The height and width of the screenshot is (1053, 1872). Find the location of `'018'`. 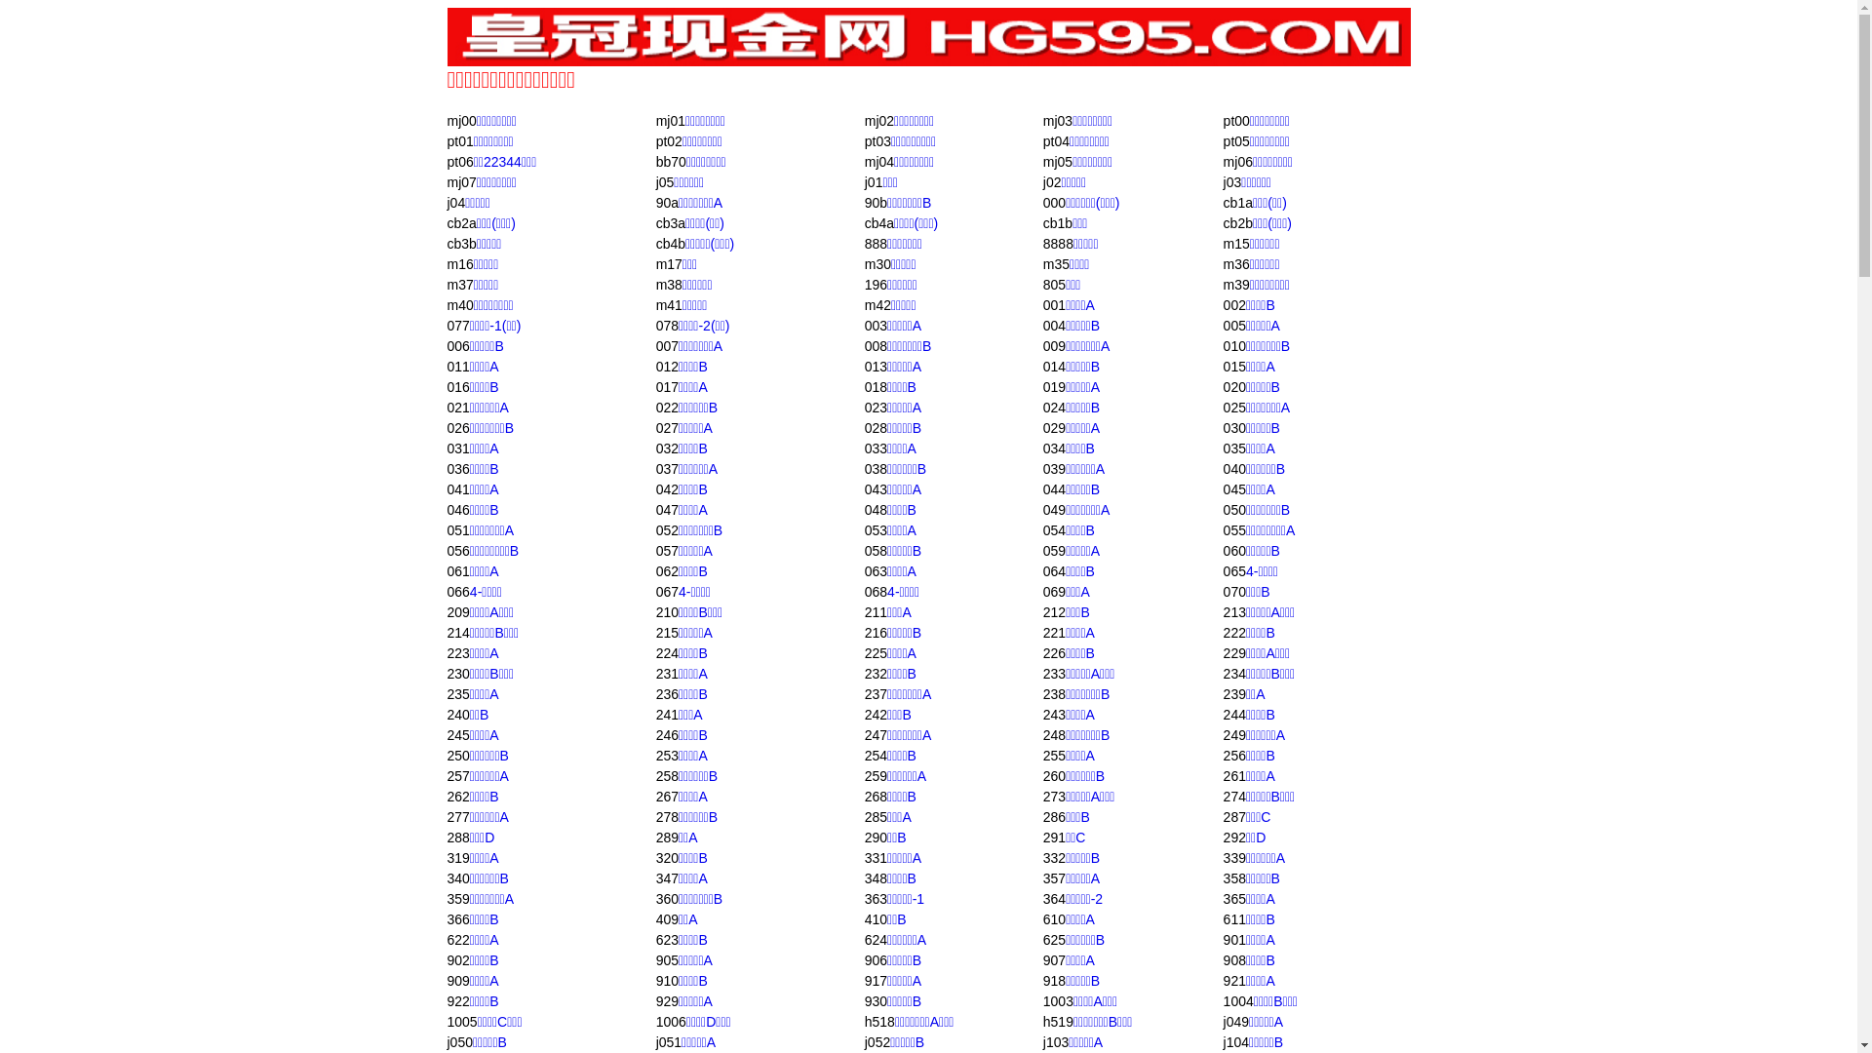

'018' is located at coordinates (875, 387).